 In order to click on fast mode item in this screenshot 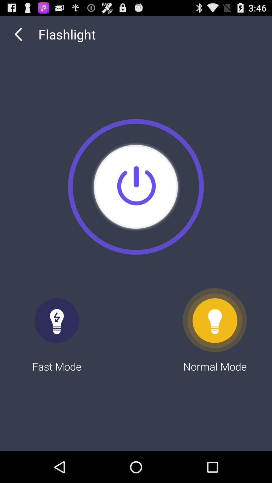, I will do `click(57, 331)`.